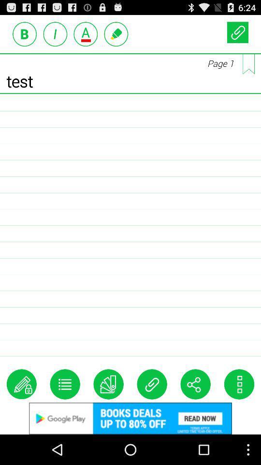 Image resolution: width=261 pixels, height=465 pixels. Describe the element at coordinates (238, 384) in the screenshot. I see `customize option` at that location.